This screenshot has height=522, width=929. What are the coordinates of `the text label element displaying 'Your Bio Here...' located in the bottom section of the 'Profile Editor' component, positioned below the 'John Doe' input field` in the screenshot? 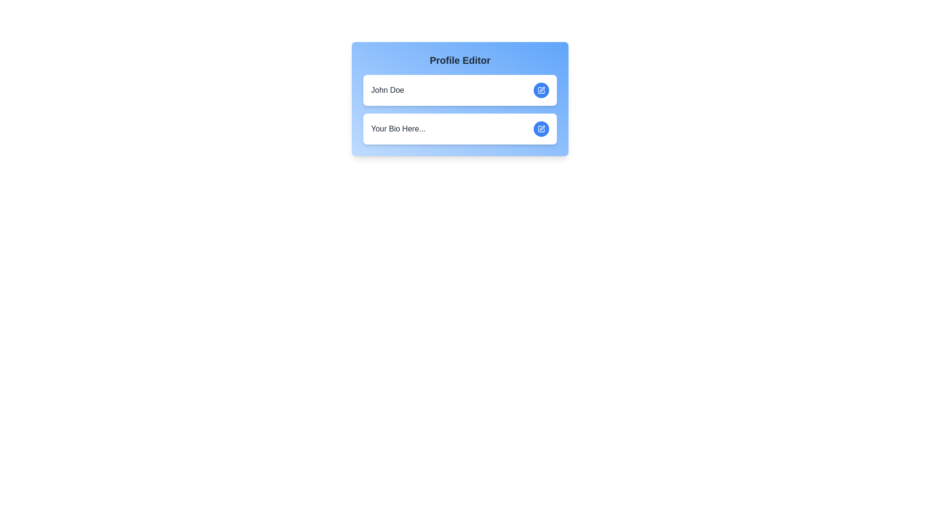 It's located at (398, 128).